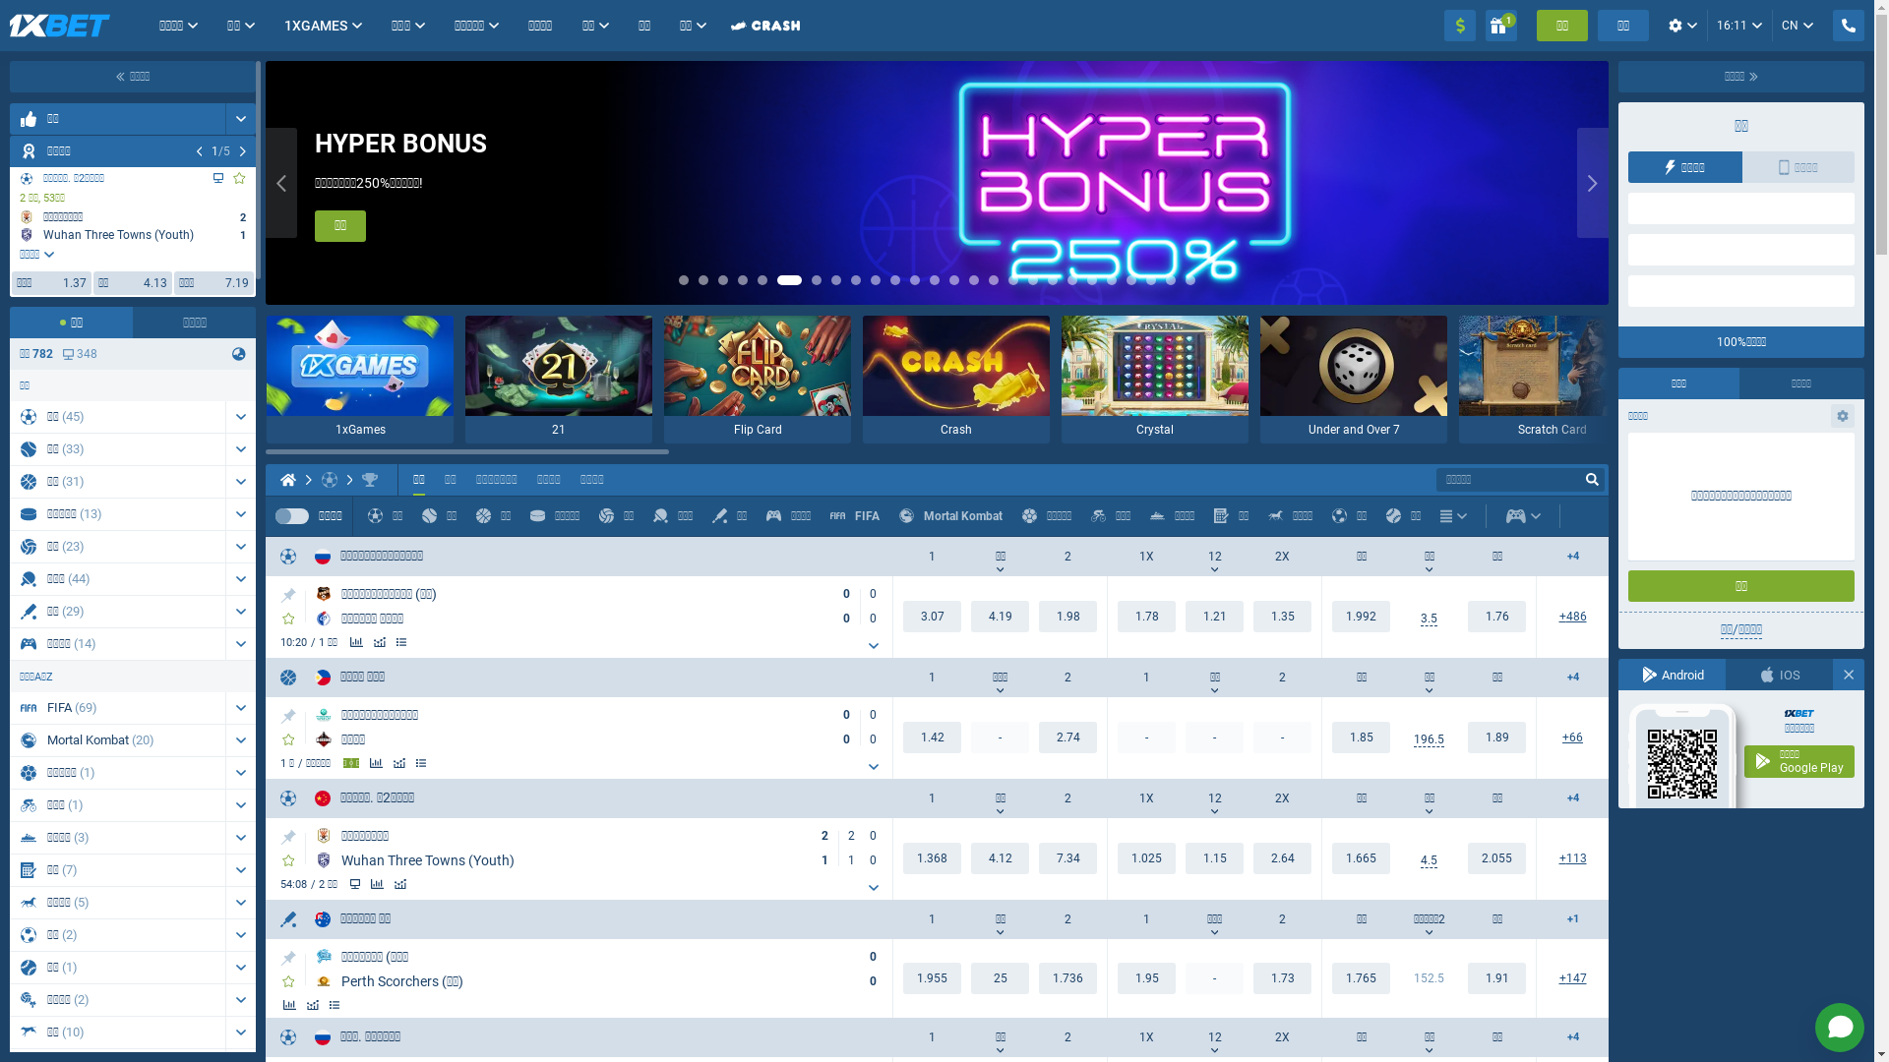 The width and height of the screenshot is (1889, 1062). What do you see at coordinates (1495, 737) in the screenshot?
I see `'1.89'` at bounding box center [1495, 737].